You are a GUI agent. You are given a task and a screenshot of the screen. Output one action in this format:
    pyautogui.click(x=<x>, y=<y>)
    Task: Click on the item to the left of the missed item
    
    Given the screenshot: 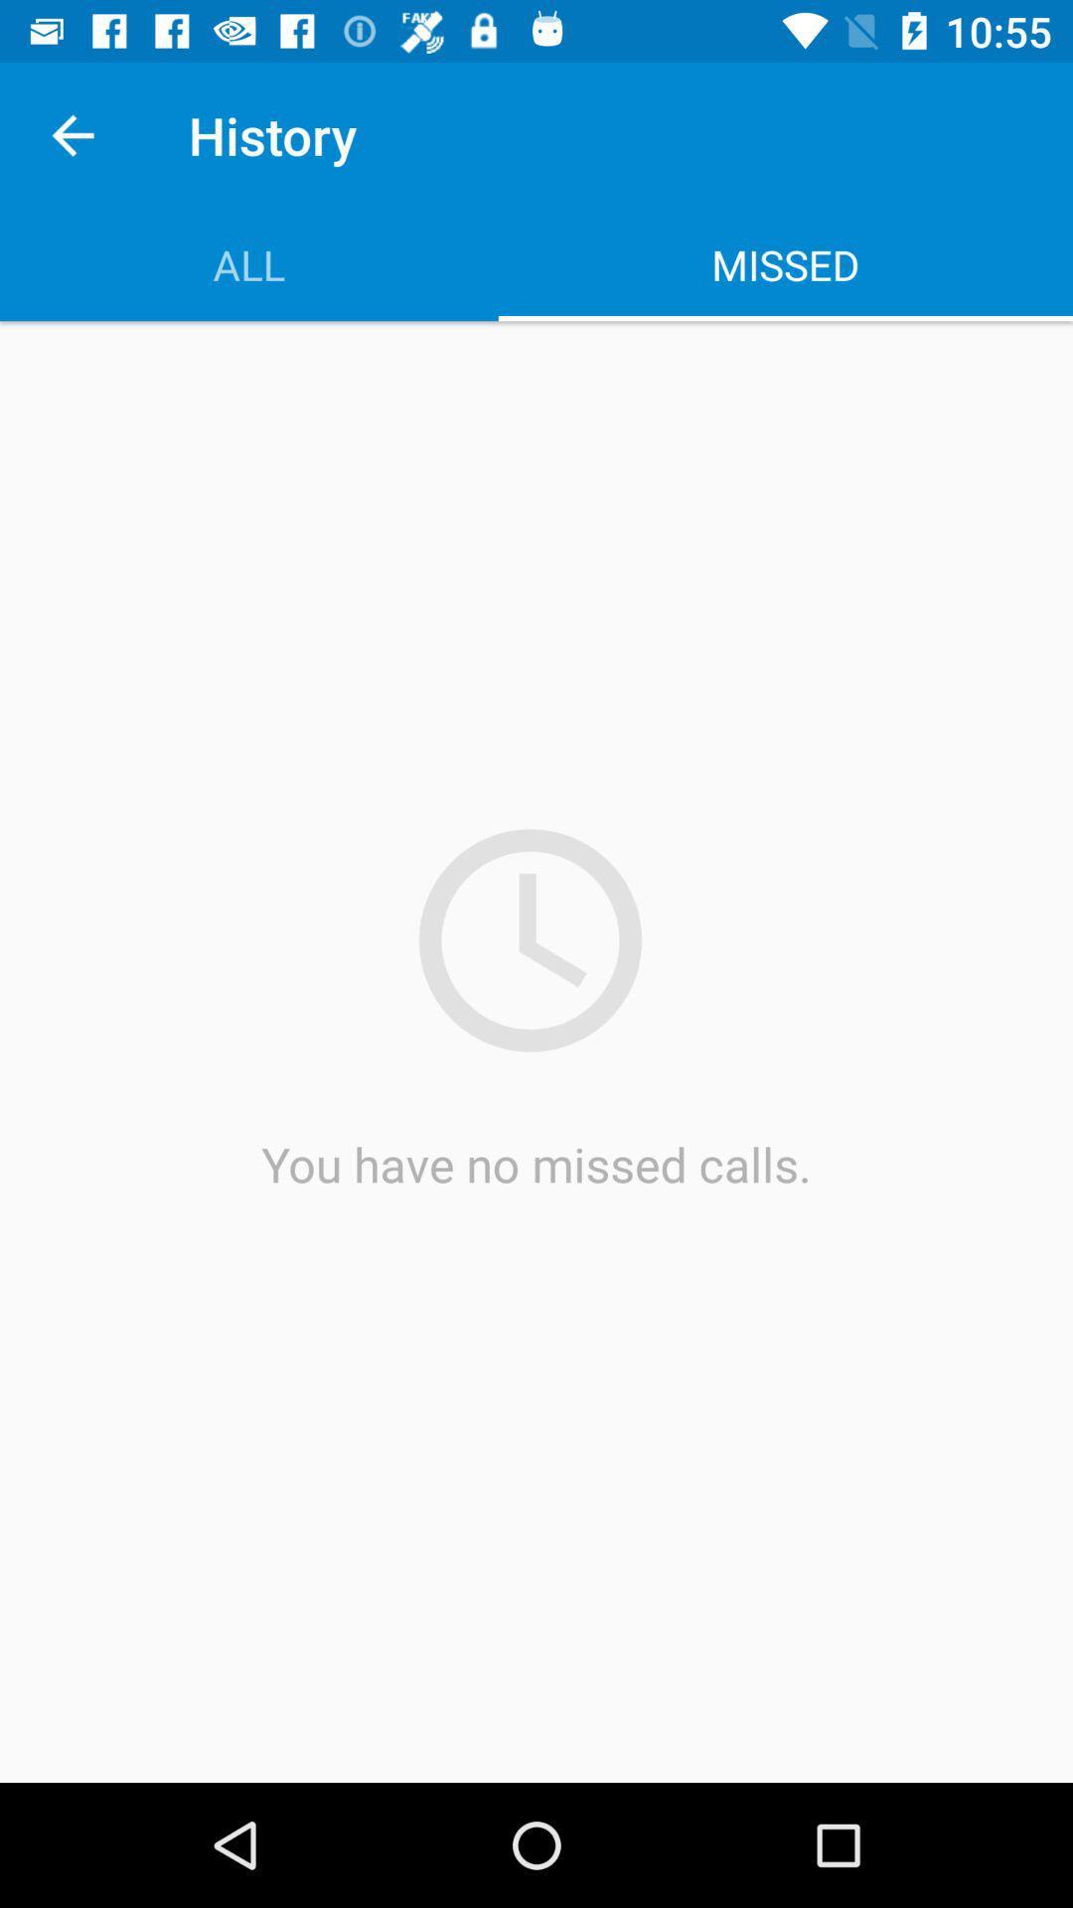 What is the action you would take?
    pyautogui.click(x=247, y=263)
    